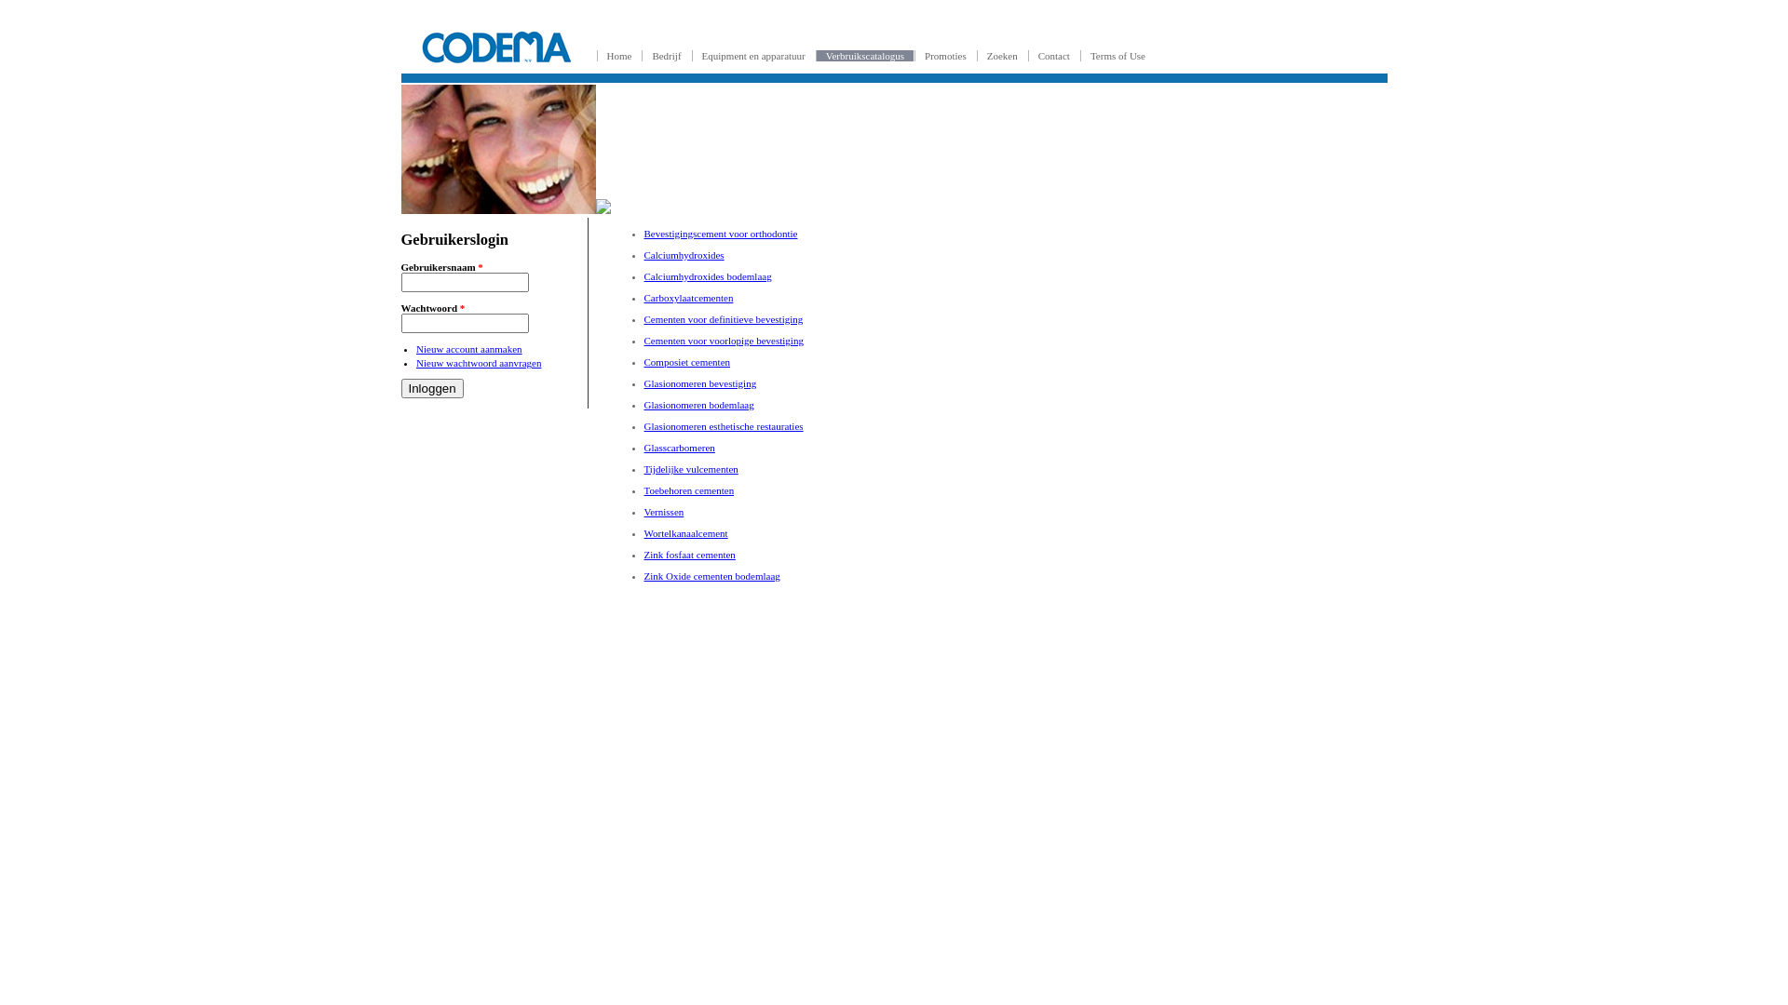 The width and height of the screenshot is (1788, 1005). Describe the element at coordinates (1117, 55) in the screenshot. I see `'Terms of Use'` at that location.